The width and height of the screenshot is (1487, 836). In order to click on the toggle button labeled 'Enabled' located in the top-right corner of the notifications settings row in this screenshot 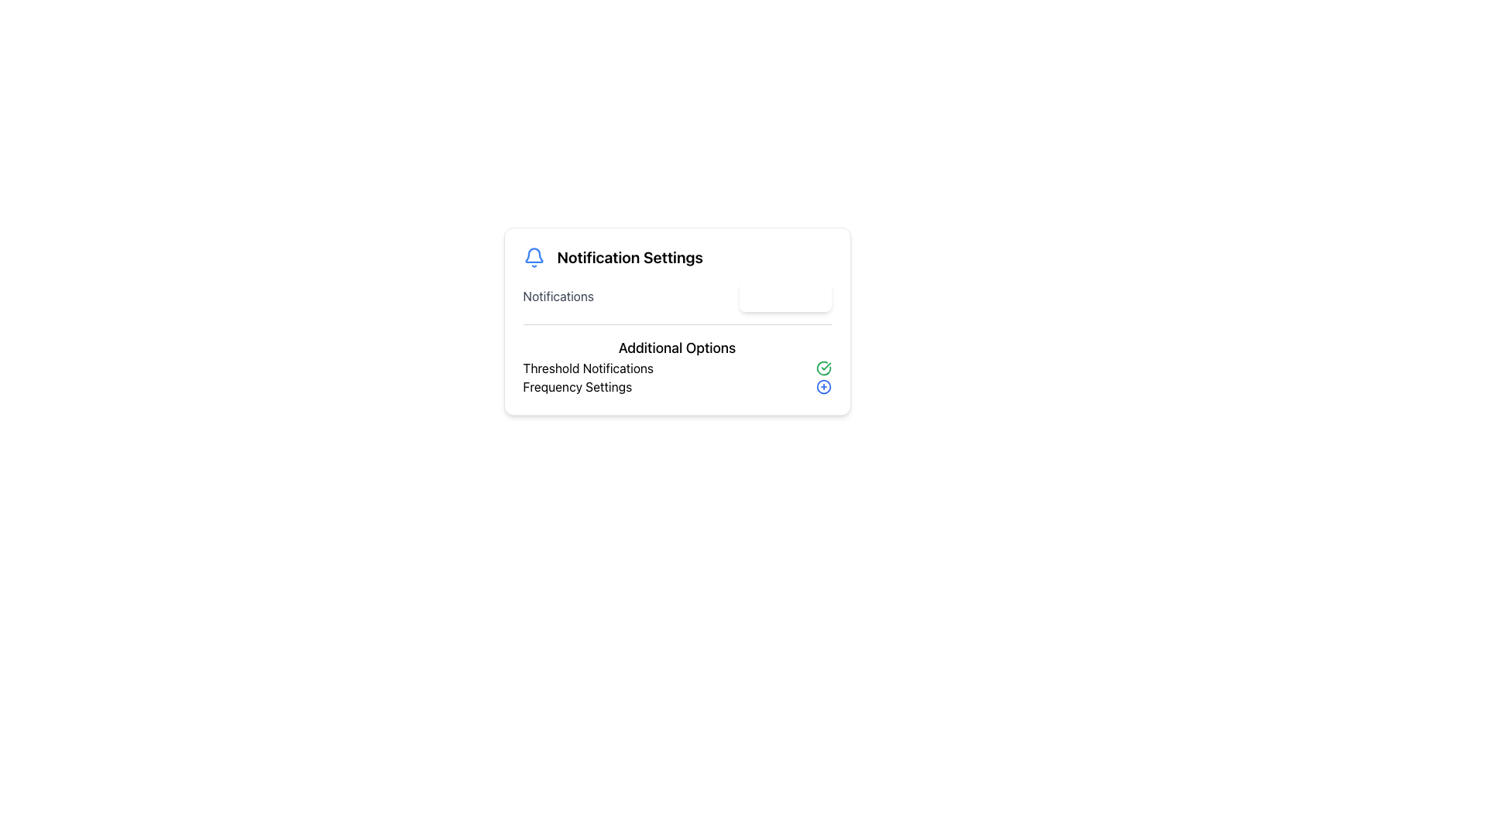, I will do `click(785, 296)`.